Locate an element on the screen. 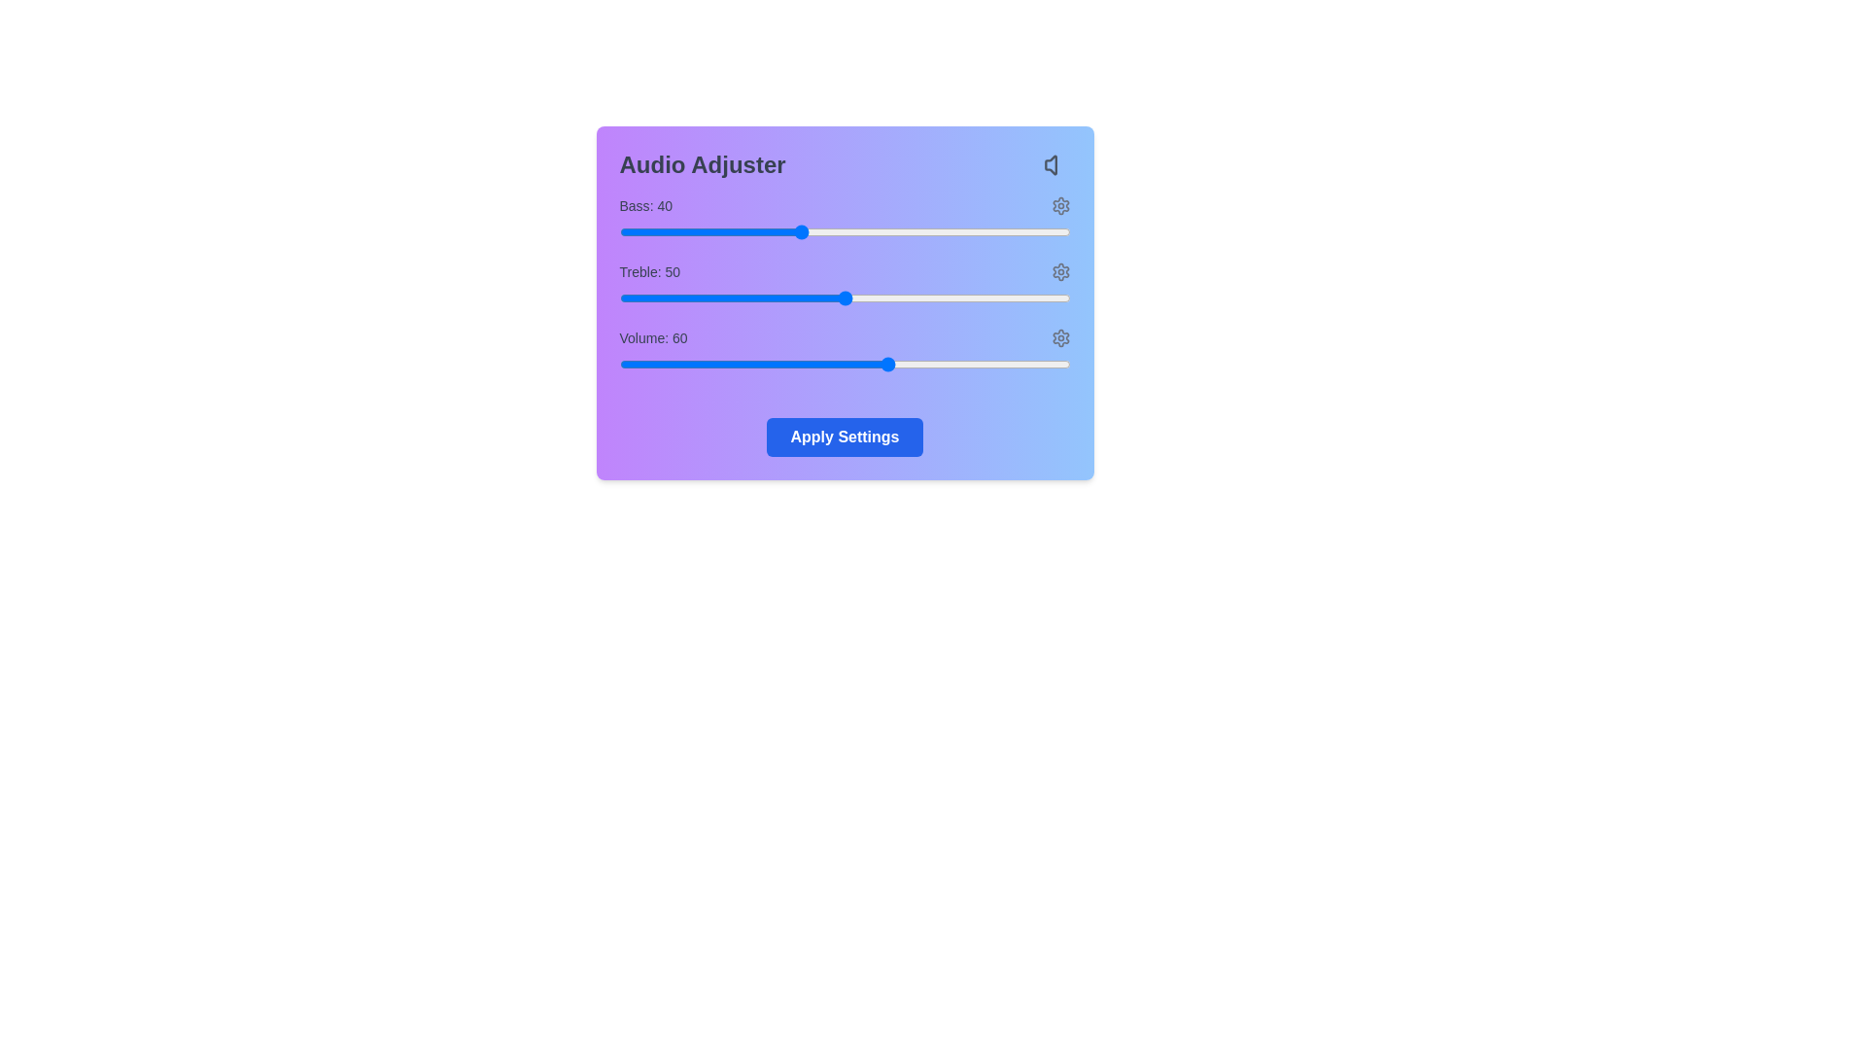 The image size is (1866, 1050). the treble level is located at coordinates (677, 298).